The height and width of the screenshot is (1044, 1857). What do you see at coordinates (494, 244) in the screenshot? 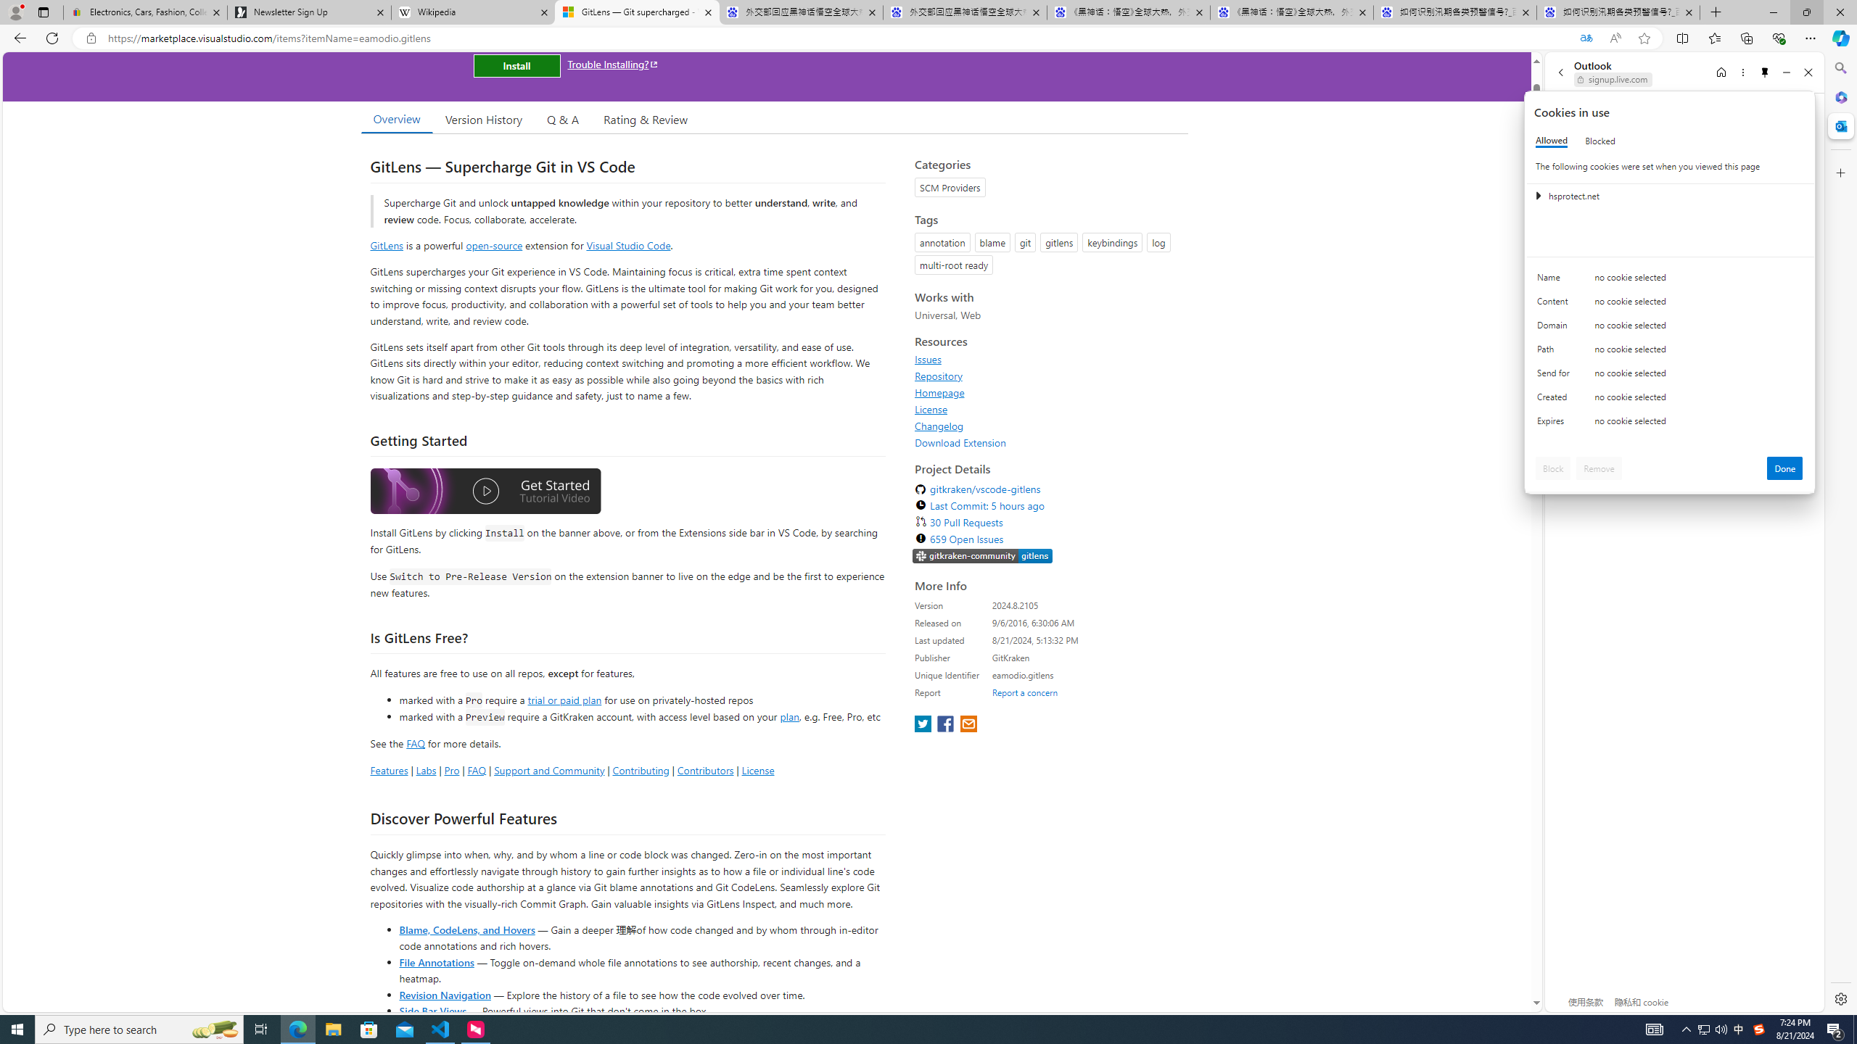
I see `'open-source'` at bounding box center [494, 244].